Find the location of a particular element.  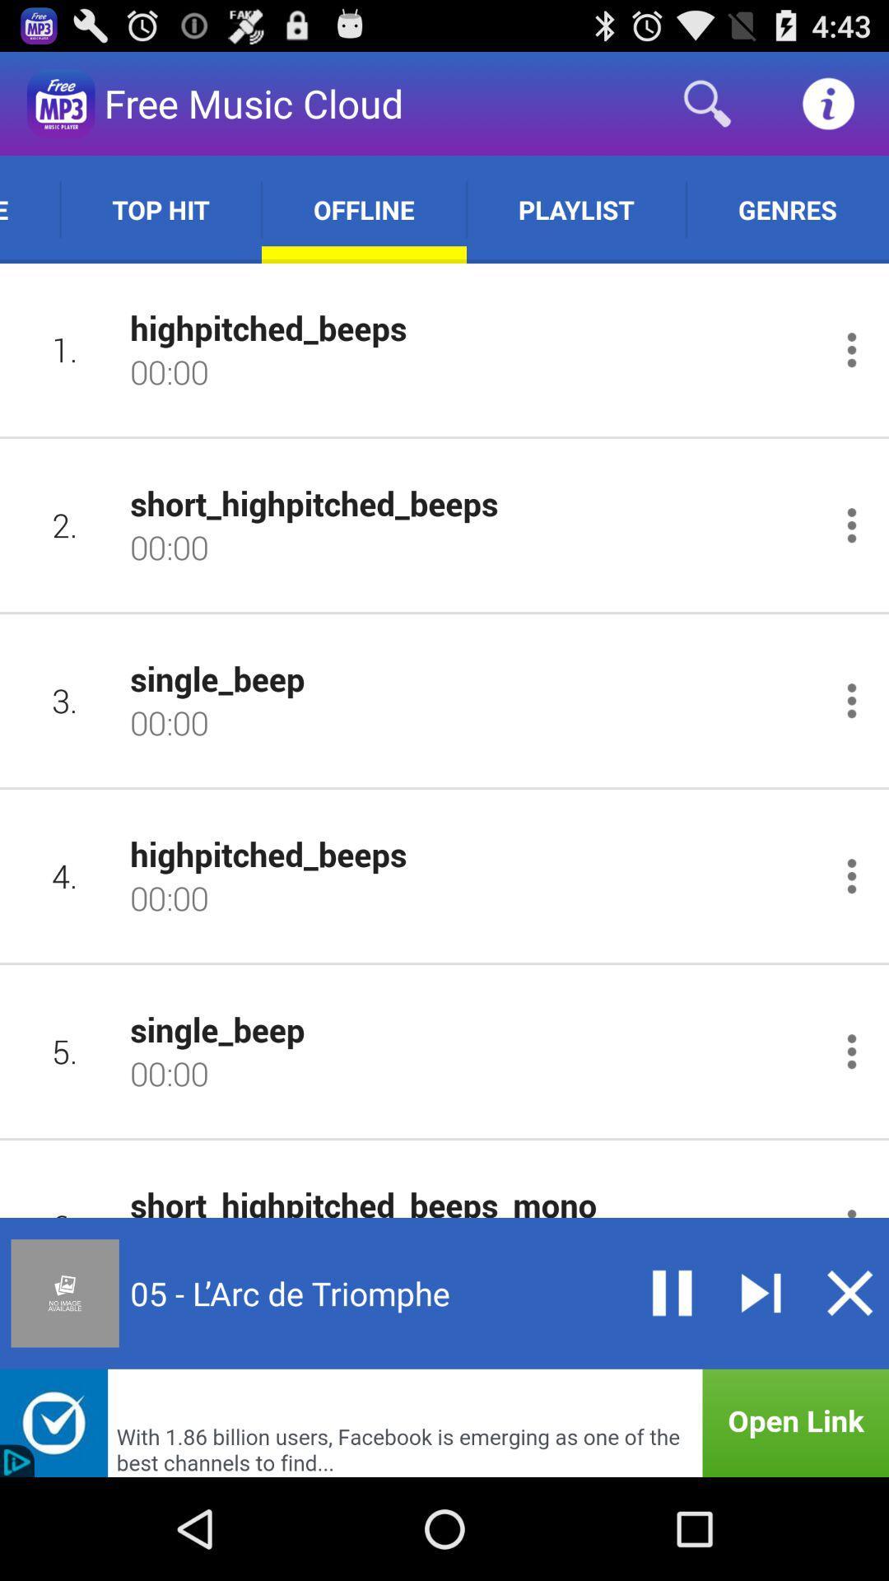

stop playing is located at coordinates (849, 1292).